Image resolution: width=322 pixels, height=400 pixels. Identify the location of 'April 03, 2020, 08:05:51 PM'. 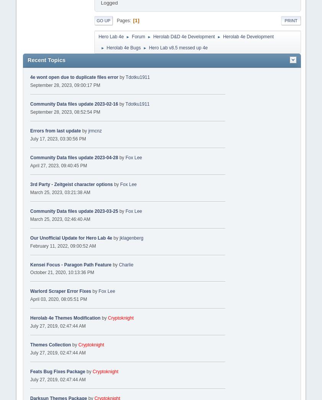
(58, 299).